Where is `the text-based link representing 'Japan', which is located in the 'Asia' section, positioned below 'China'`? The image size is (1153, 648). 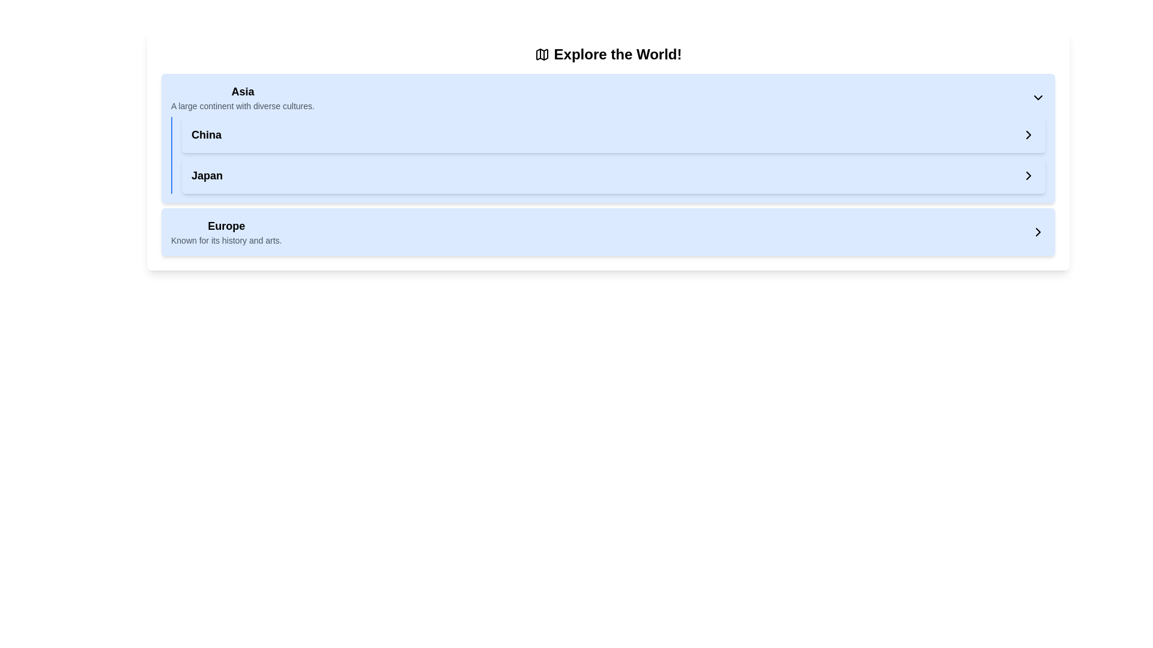
the text-based link representing 'Japan', which is located in the 'Asia' section, positioned below 'China' is located at coordinates (207, 176).